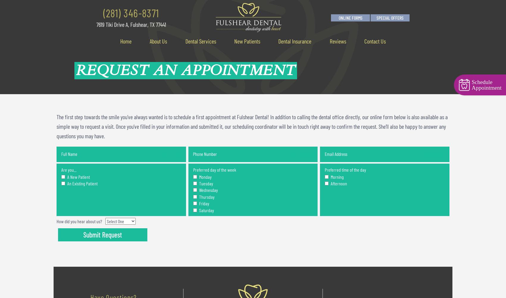 The width and height of the screenshot is (506, 298). I want to click on 'How did you hear about us?', so click(79, 221).